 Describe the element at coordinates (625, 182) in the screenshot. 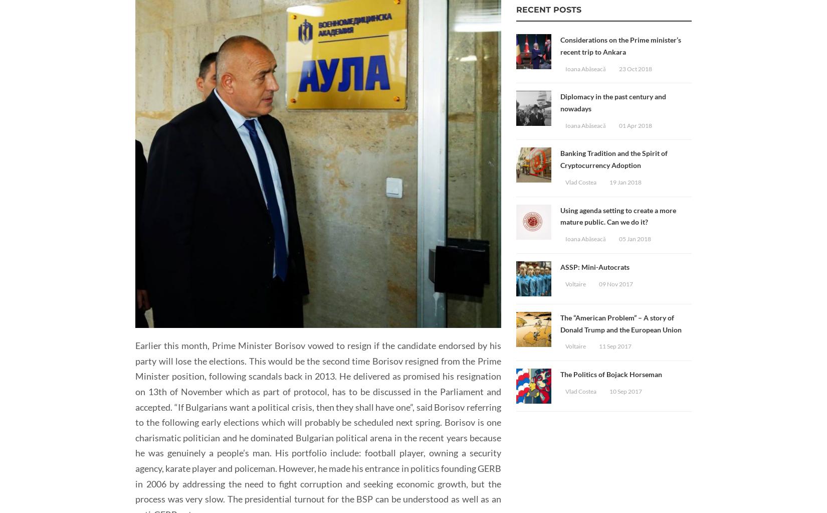

I see `'19 Jan 2018'` at that location.